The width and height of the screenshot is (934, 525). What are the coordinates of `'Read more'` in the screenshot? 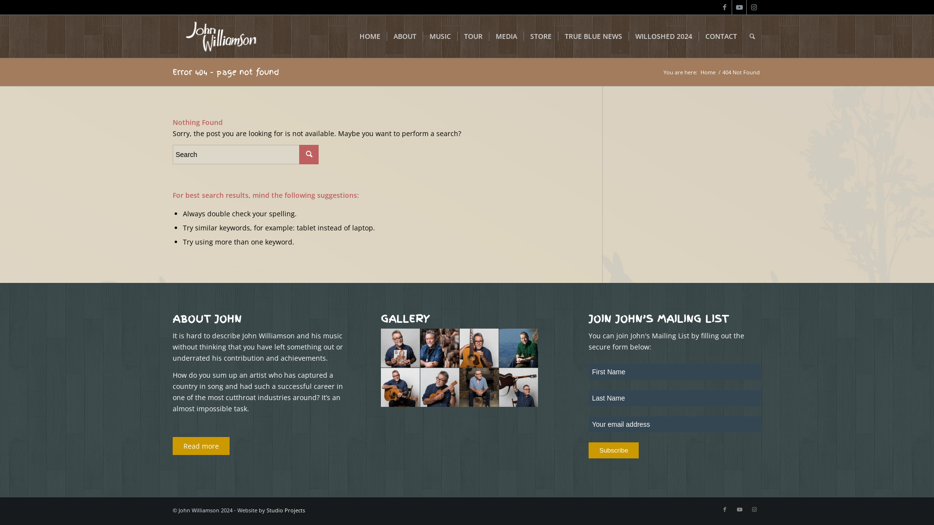 It's located at (200, 446).